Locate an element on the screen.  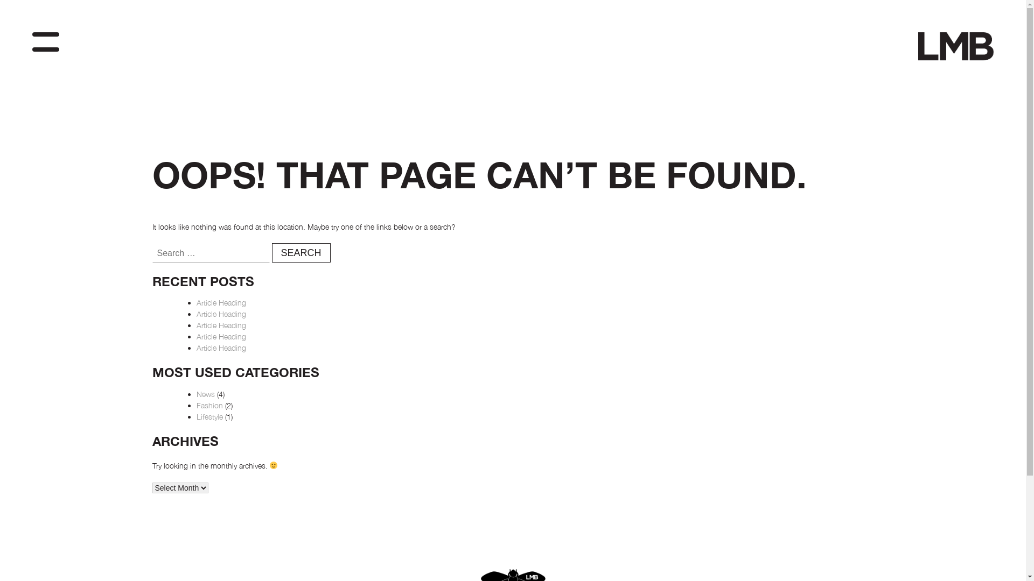
'Fashion' is located at coordinates (209, 405).